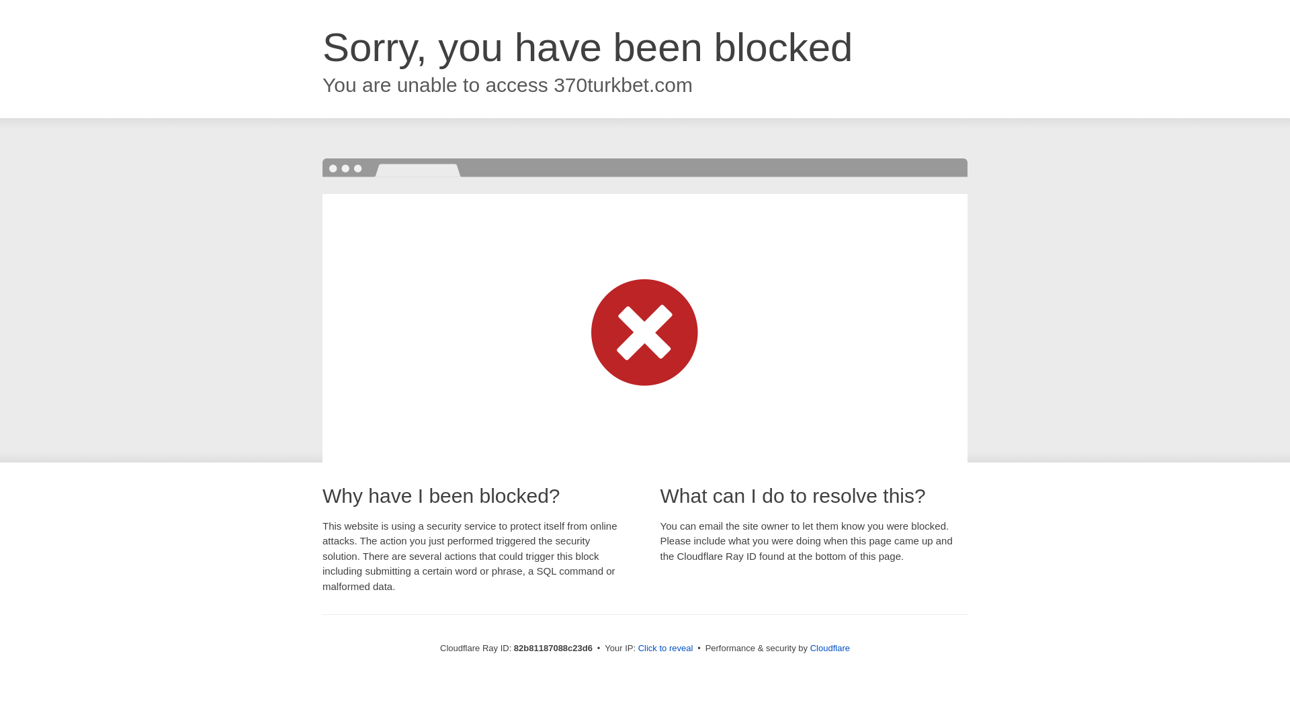 The height and width of the screenshot is (725, 1290). I want to click on 'Click to reveal', so click(638, 647).